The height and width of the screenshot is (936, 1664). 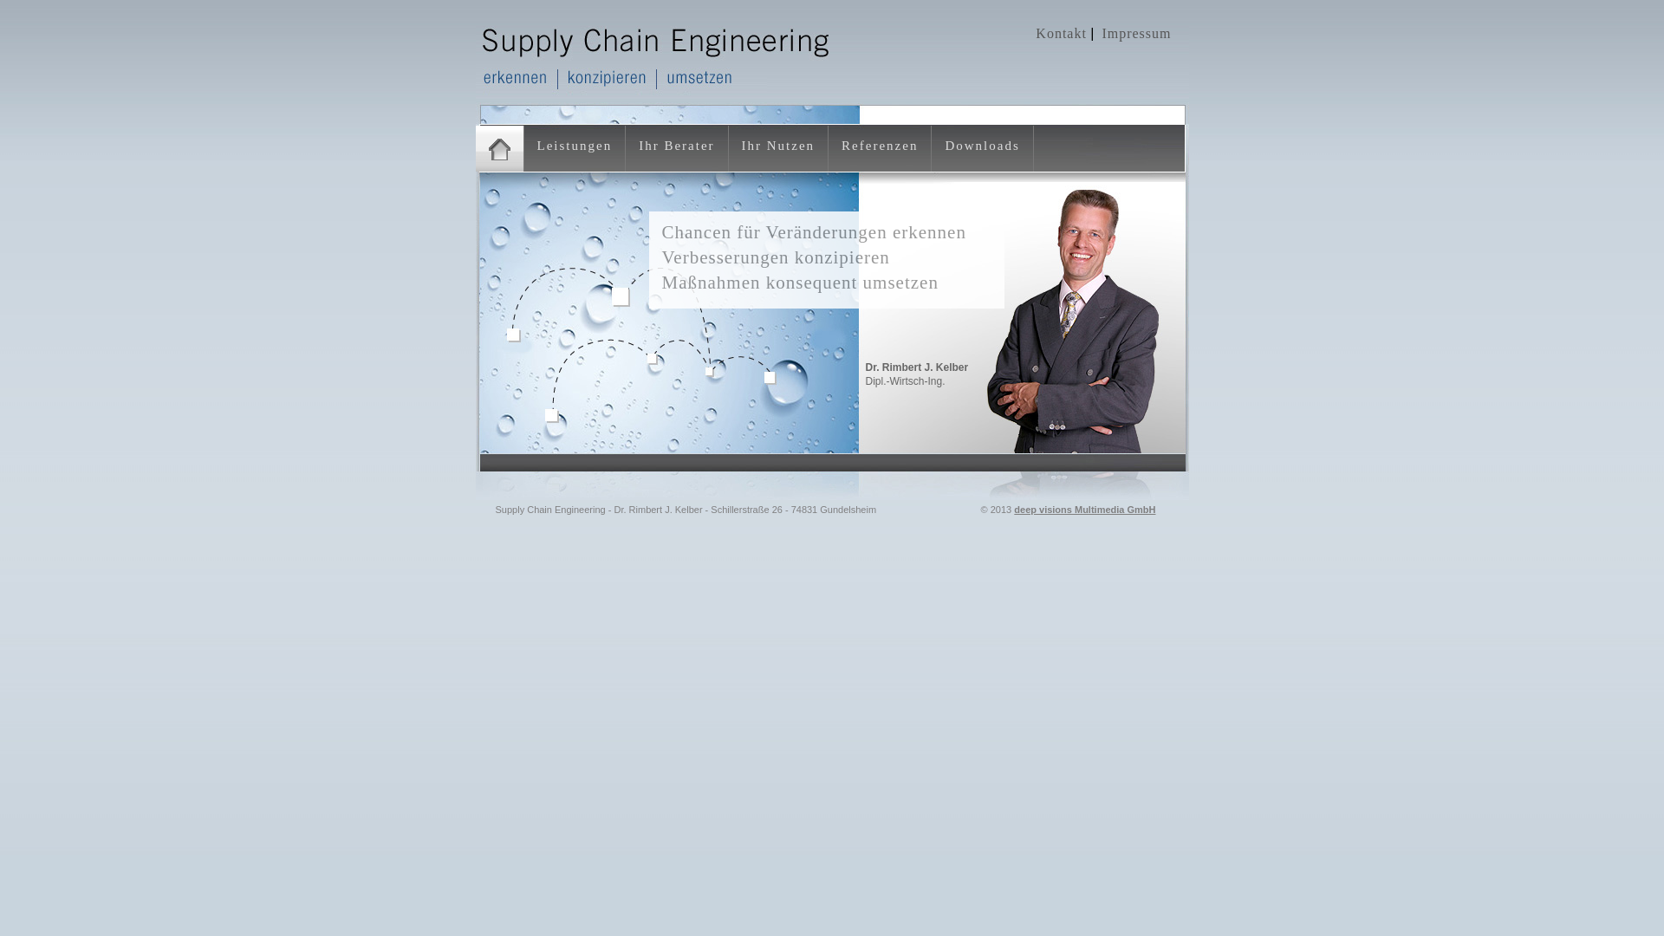 I want to click on 'Kontakt', so click(x=1060, y=33).